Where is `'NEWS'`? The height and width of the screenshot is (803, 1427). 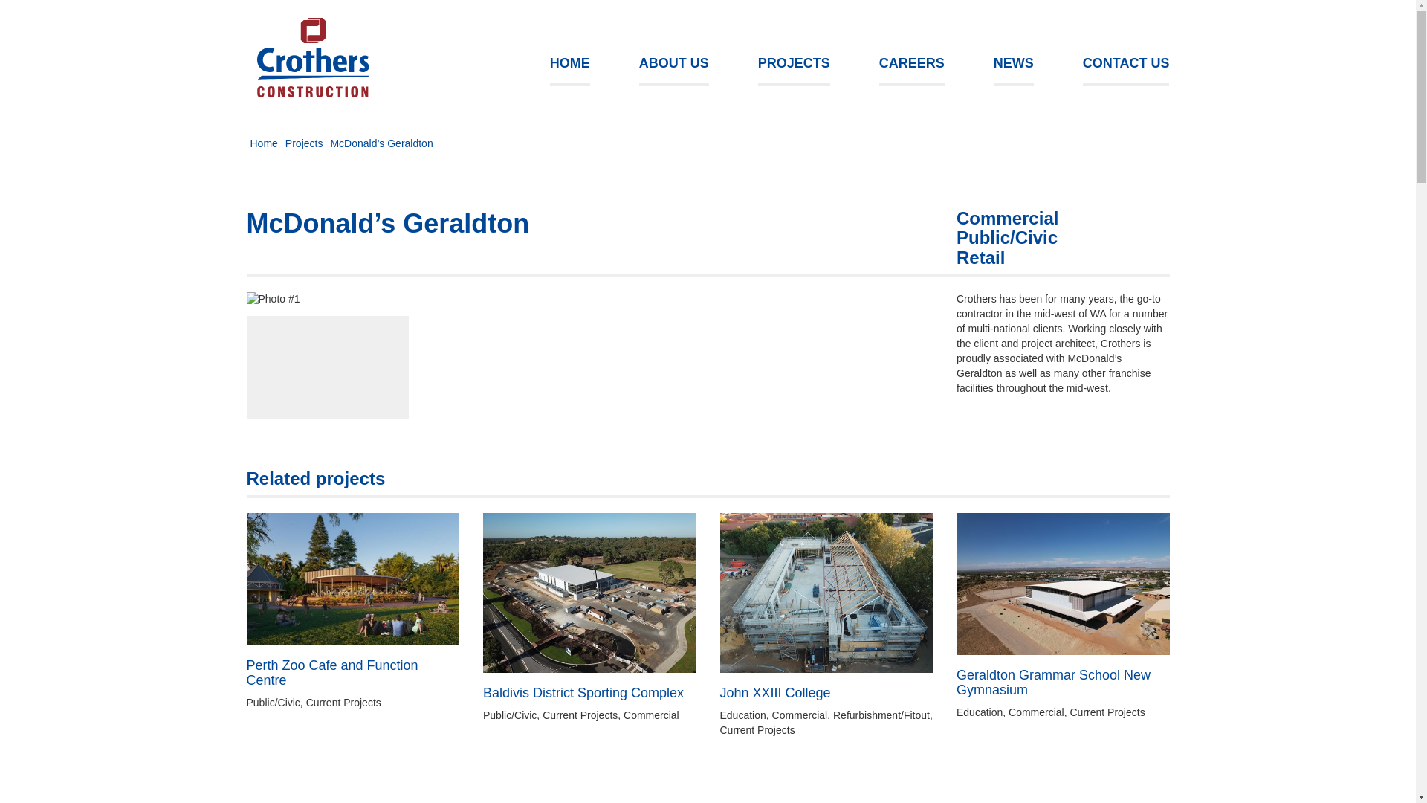 'NEWS' is located at coordinates (1012, 64).